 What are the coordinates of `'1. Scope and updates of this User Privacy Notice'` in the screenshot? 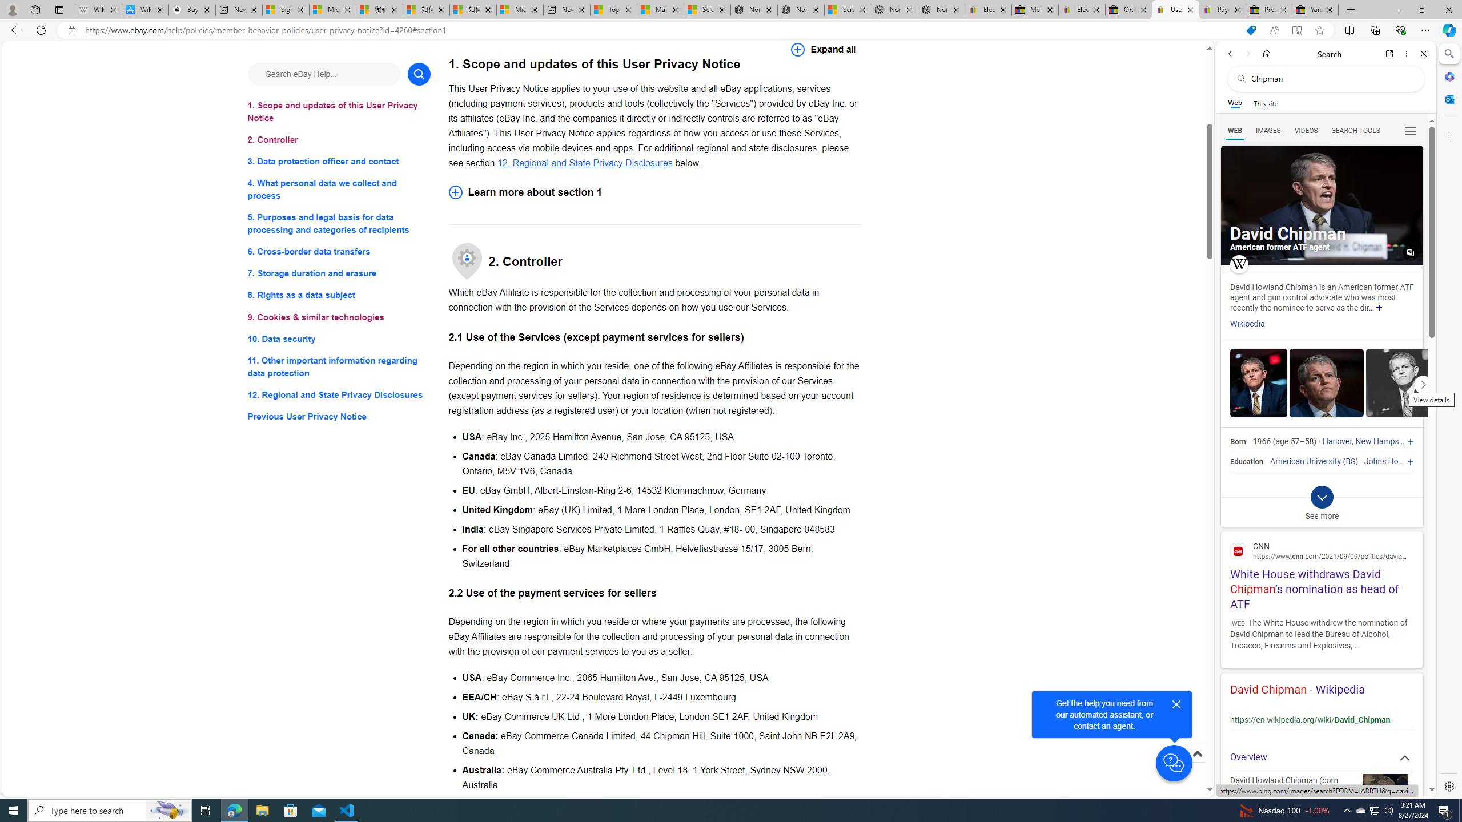 It's located at (338, 111).